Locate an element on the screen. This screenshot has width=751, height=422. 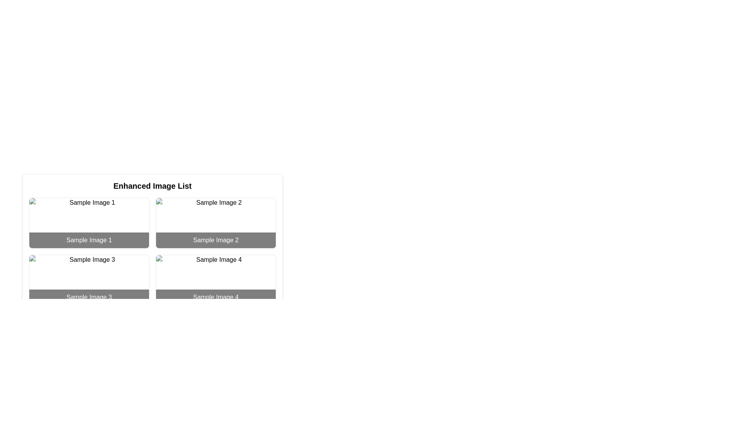
the Image Card labeled 'Sample Image 3', which is positioned in the first column of the second row of a 2-column grid layout is located at coordinates (89, 280).